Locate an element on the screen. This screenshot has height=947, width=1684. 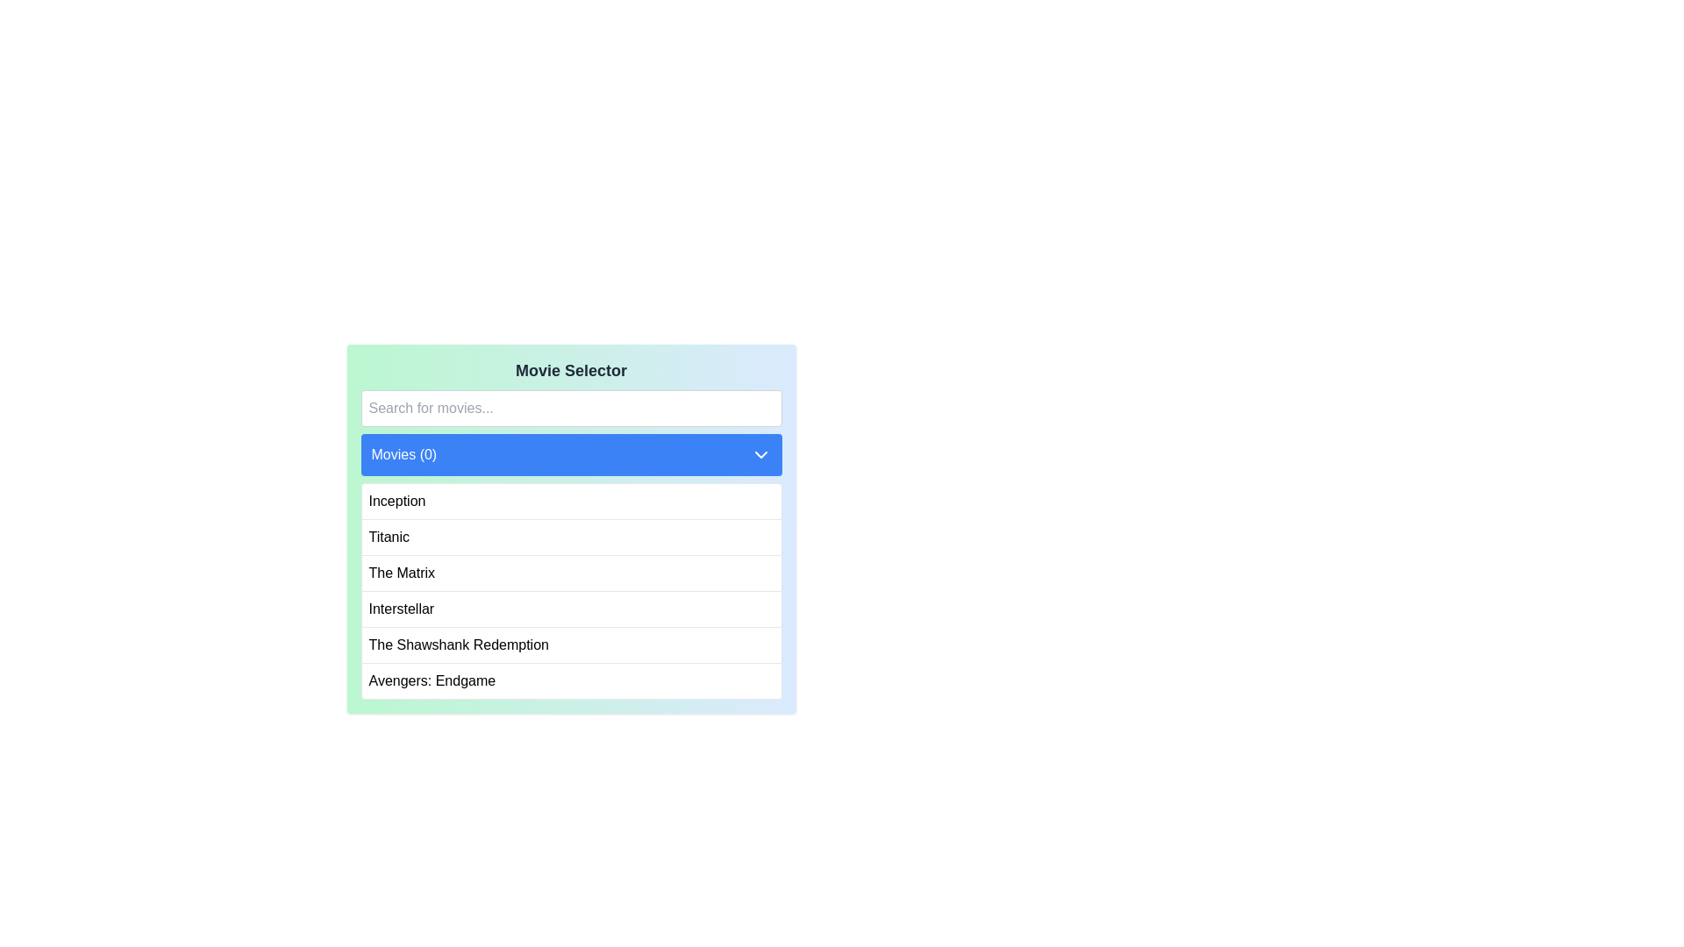
the third list item labeled 'The Matrix' in the 'Movie Selector' interface, which is positioned below 'Inception' and 'Titanic' and above 'Interstellar' is located at coordinates (571, 573).